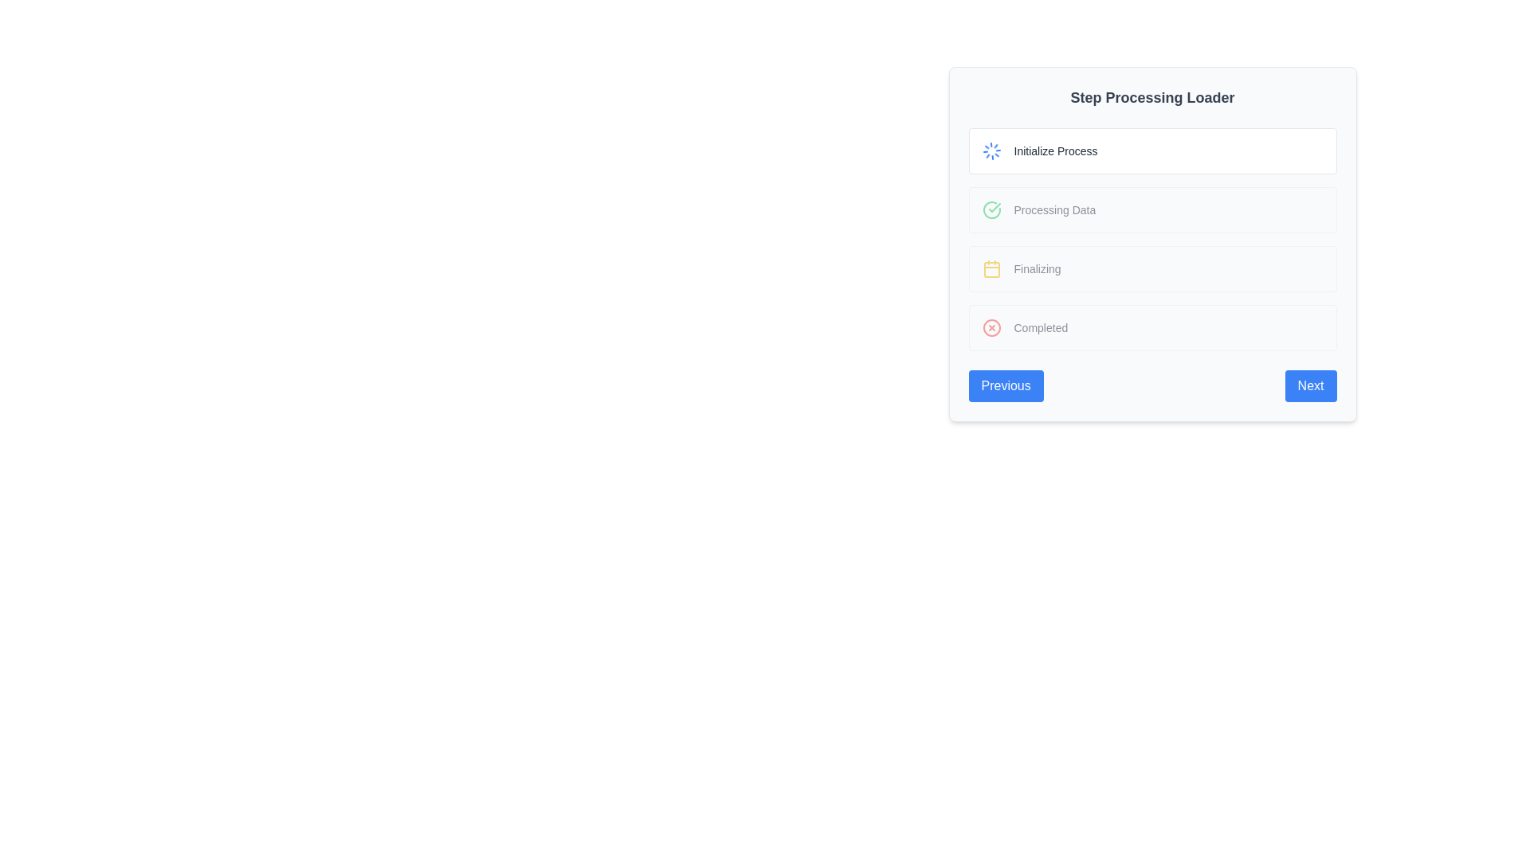 The width and height of the screenshot is (1530, 860). Describe the element at coordinates (991, 268) in the screenshot. I see `the yellow calendar icon with rounded edges located to the left of the 'Finalizing' text label in the step-by-step loader interface` at that location.